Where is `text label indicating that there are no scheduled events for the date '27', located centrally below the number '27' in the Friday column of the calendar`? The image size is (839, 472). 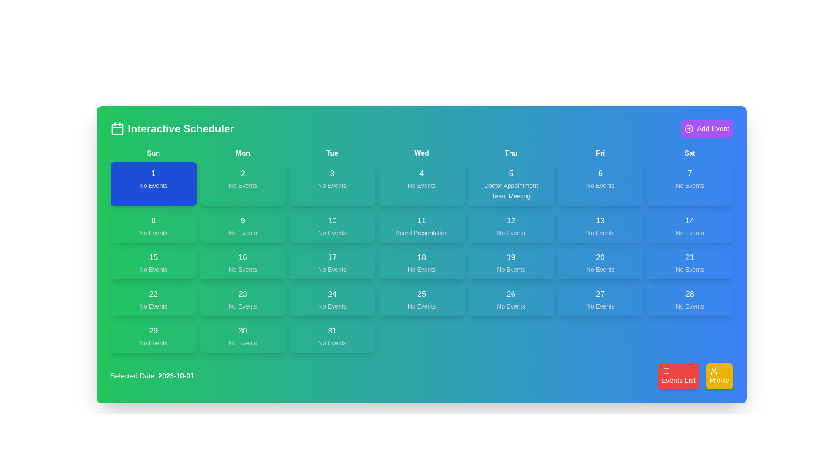
text label indicating that there are no scheduled events for the date '27', located centrally below the number '27' in the Friday column of the calendar is located at coordinates (600, 306).